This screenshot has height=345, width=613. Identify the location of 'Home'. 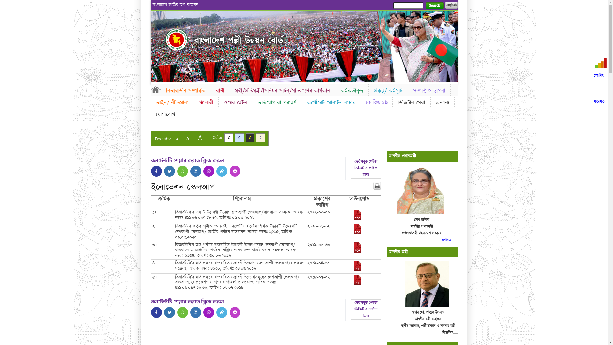
(155, 89).